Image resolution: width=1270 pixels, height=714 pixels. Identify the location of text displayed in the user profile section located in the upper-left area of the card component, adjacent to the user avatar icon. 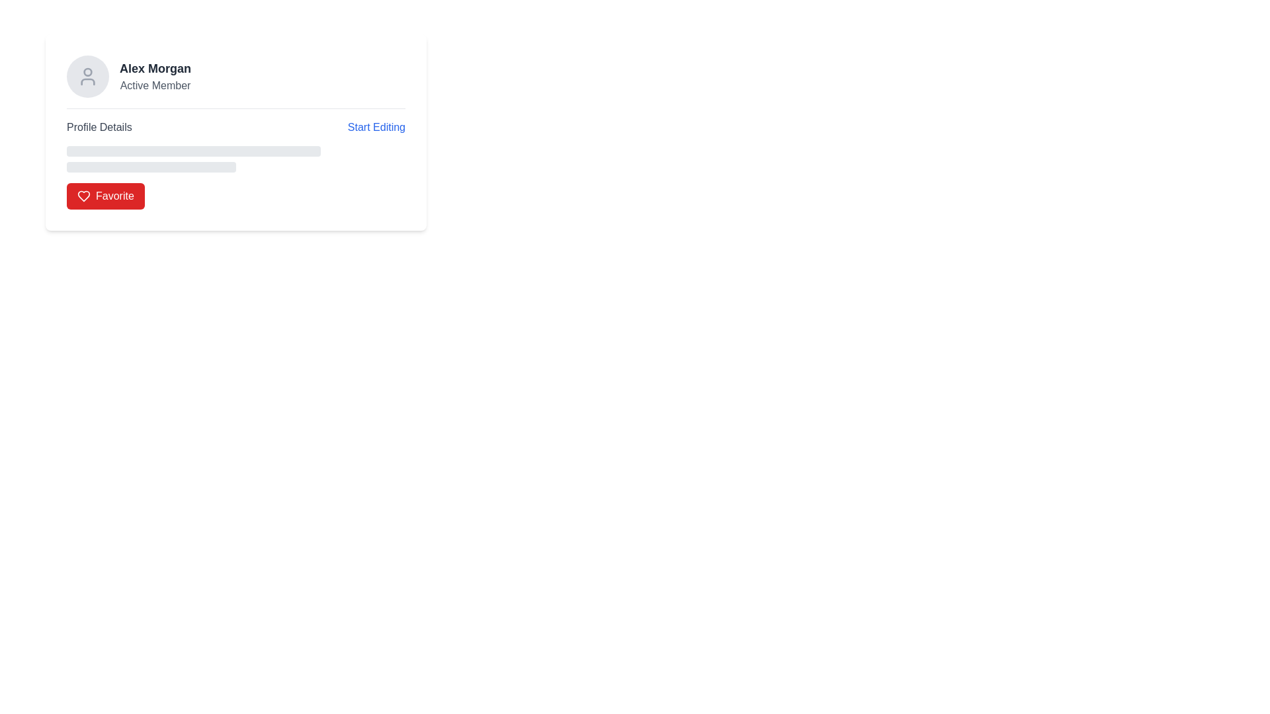
(155, 76).